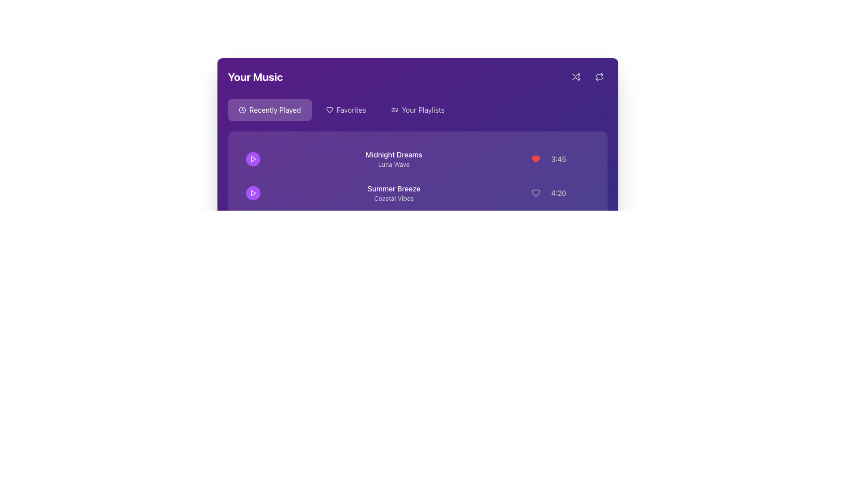 Image resolution: width=859 pixels, height=483 pixels. Describe the element at coordinates (536, 158) in the screenshot. I see `the heart icon button for marking 'Midnight Dreams' as a favorite` at that location.